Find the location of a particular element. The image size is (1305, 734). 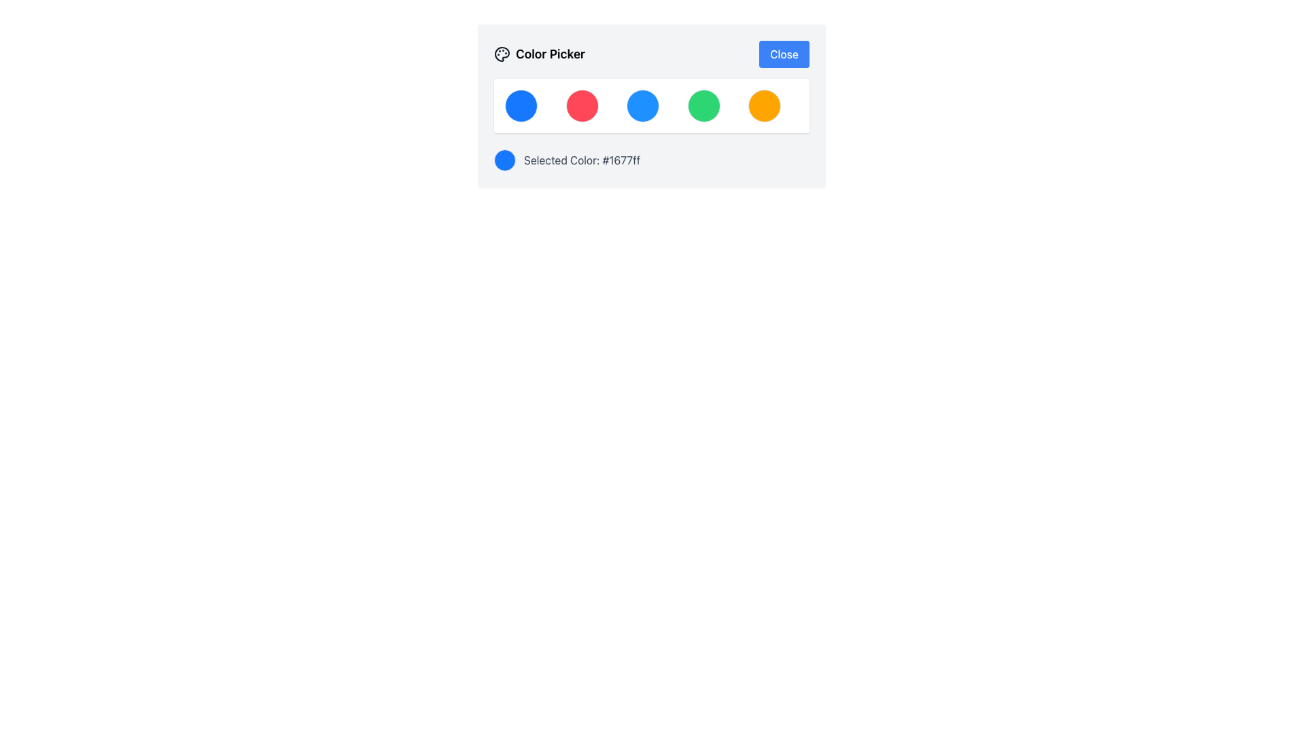

the interactive blue color selection circle, which is the third circle in a row of five colored circles is located at coordinates (651, 105).